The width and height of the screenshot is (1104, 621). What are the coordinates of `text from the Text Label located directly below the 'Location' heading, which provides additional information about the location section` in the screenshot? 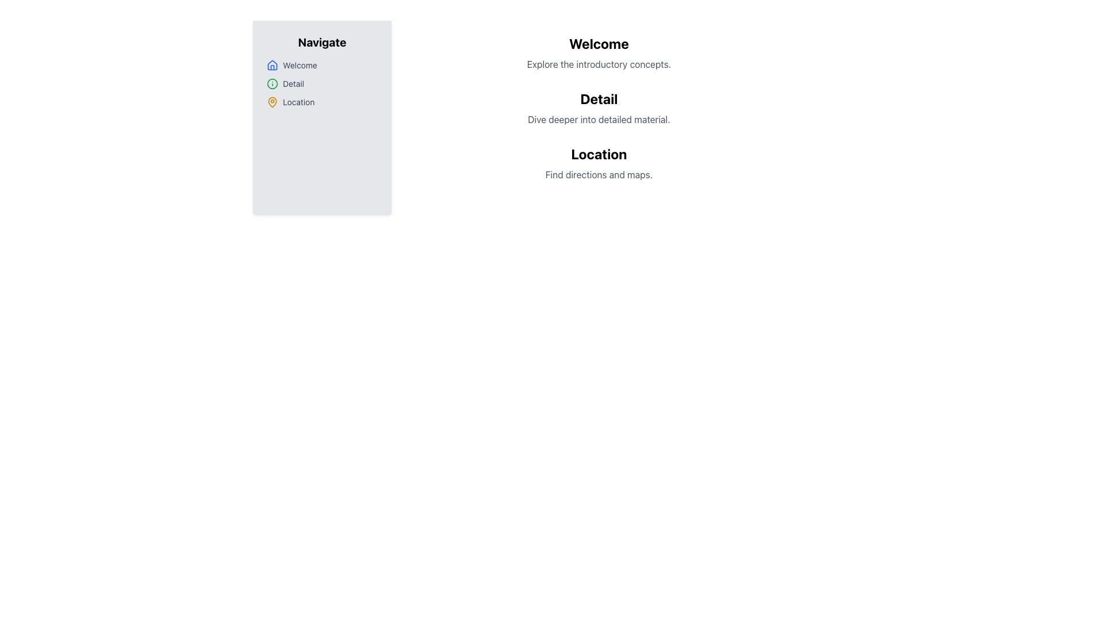 It's located at (598, 175).